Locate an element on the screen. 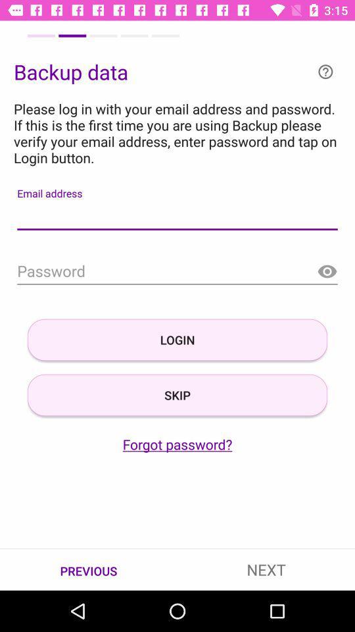  password is located at coordinates (177, 271).